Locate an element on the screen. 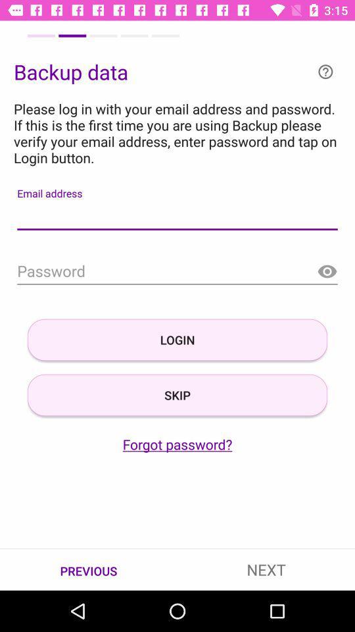  password is located at coordinates (177, 271).